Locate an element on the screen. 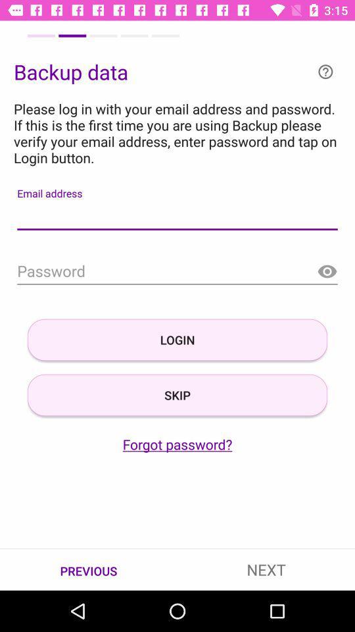  password is located at coordinates (177, 271).